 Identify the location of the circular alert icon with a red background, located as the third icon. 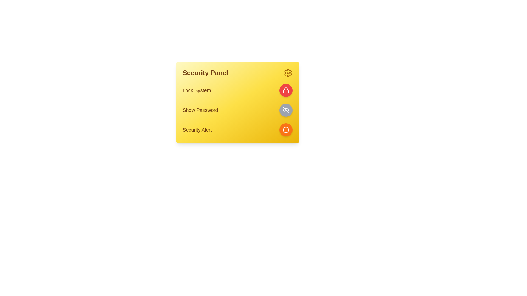
(285, 130).